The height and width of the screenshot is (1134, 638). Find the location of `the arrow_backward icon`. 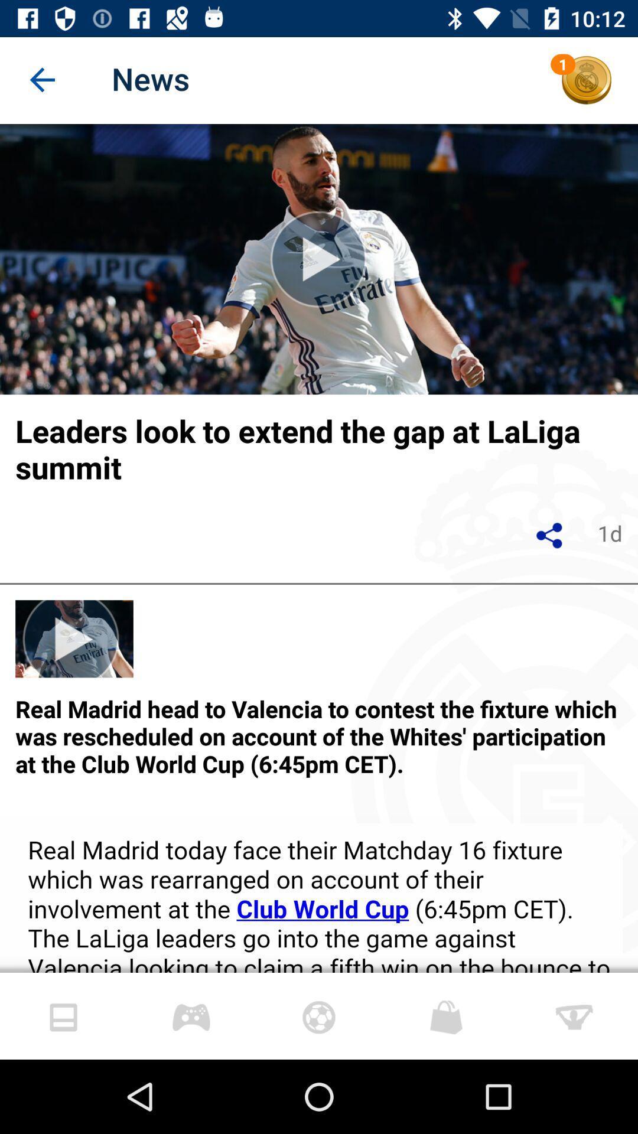

the arrow_backward icon is located at coordinates (43, 80).